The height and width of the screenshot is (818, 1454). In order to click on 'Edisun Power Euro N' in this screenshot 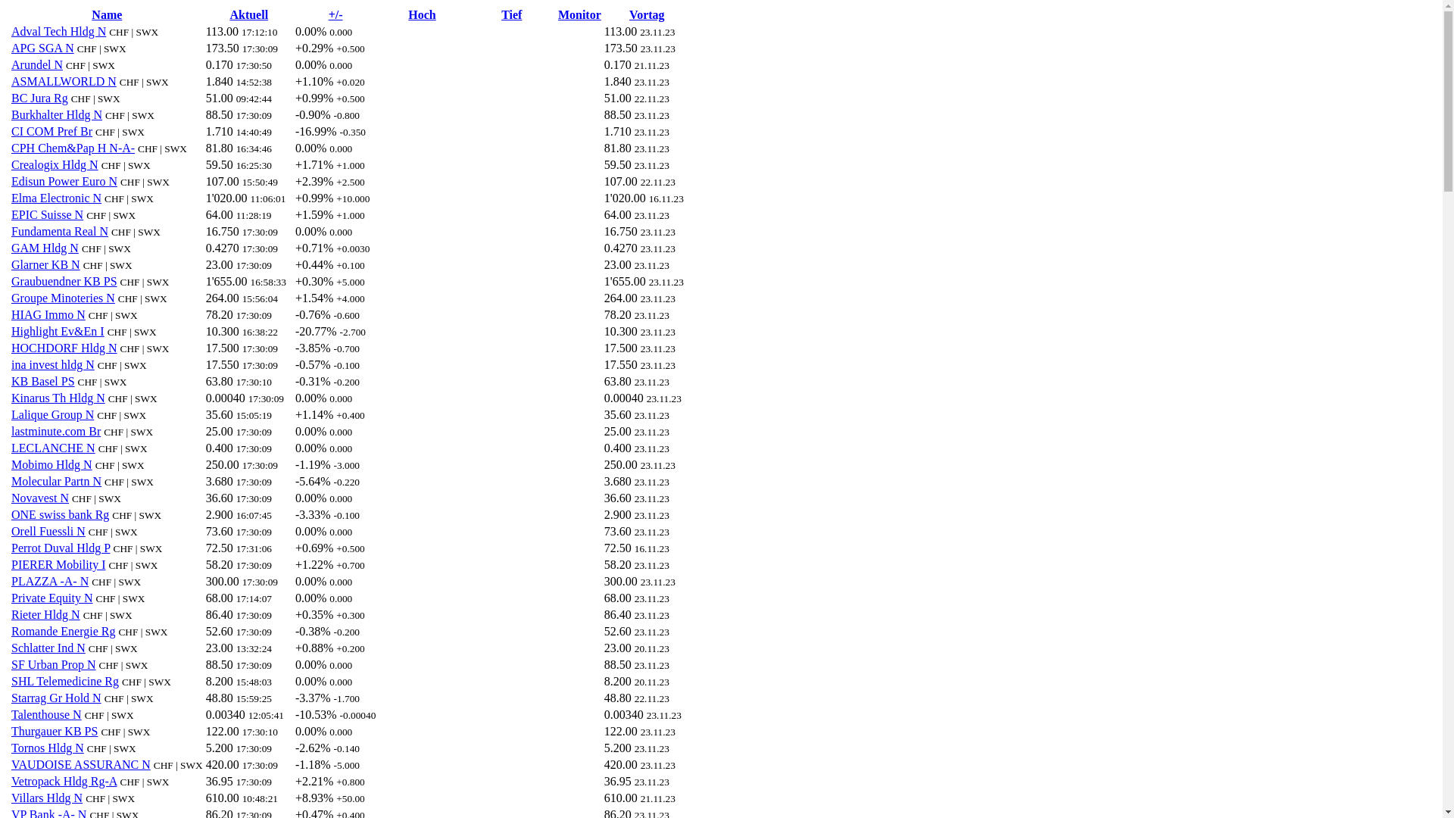, I will do `click(64, 180)`.